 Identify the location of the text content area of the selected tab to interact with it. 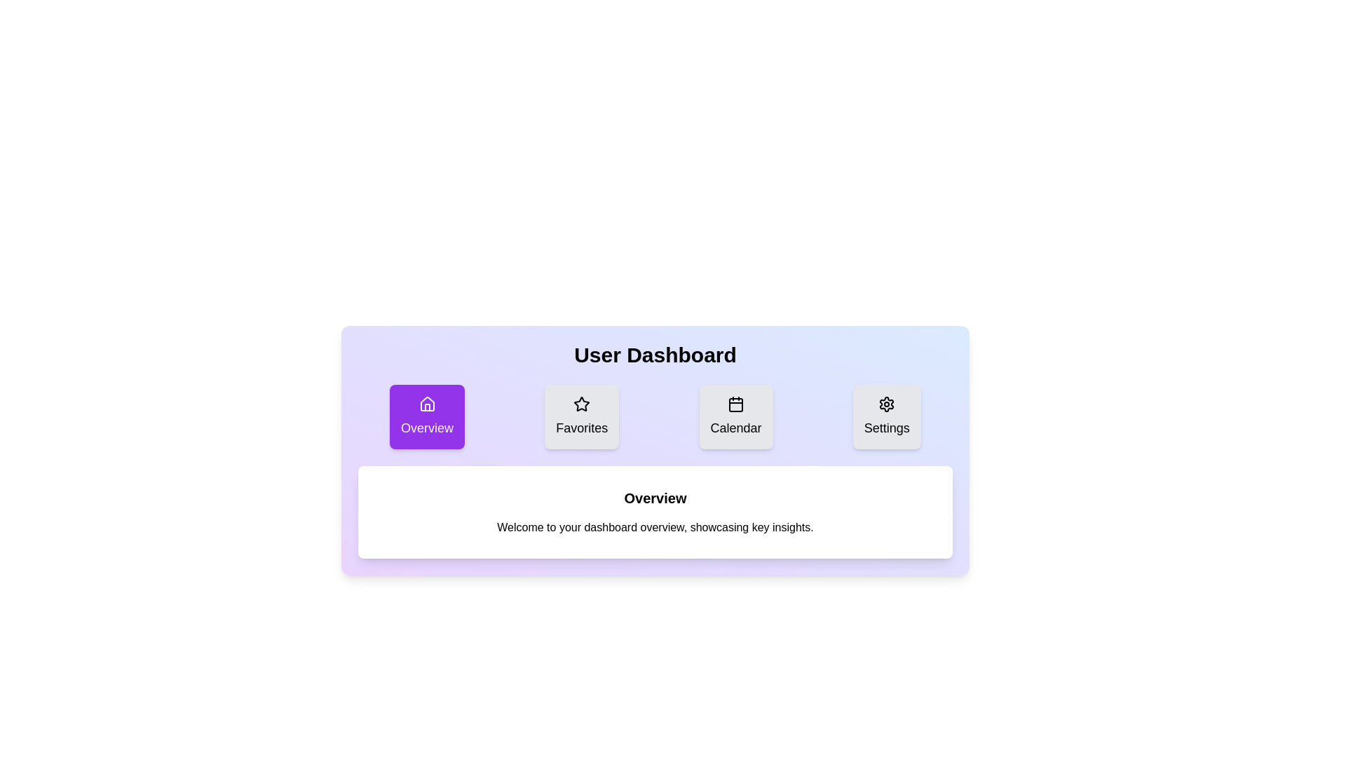
(655, 512).